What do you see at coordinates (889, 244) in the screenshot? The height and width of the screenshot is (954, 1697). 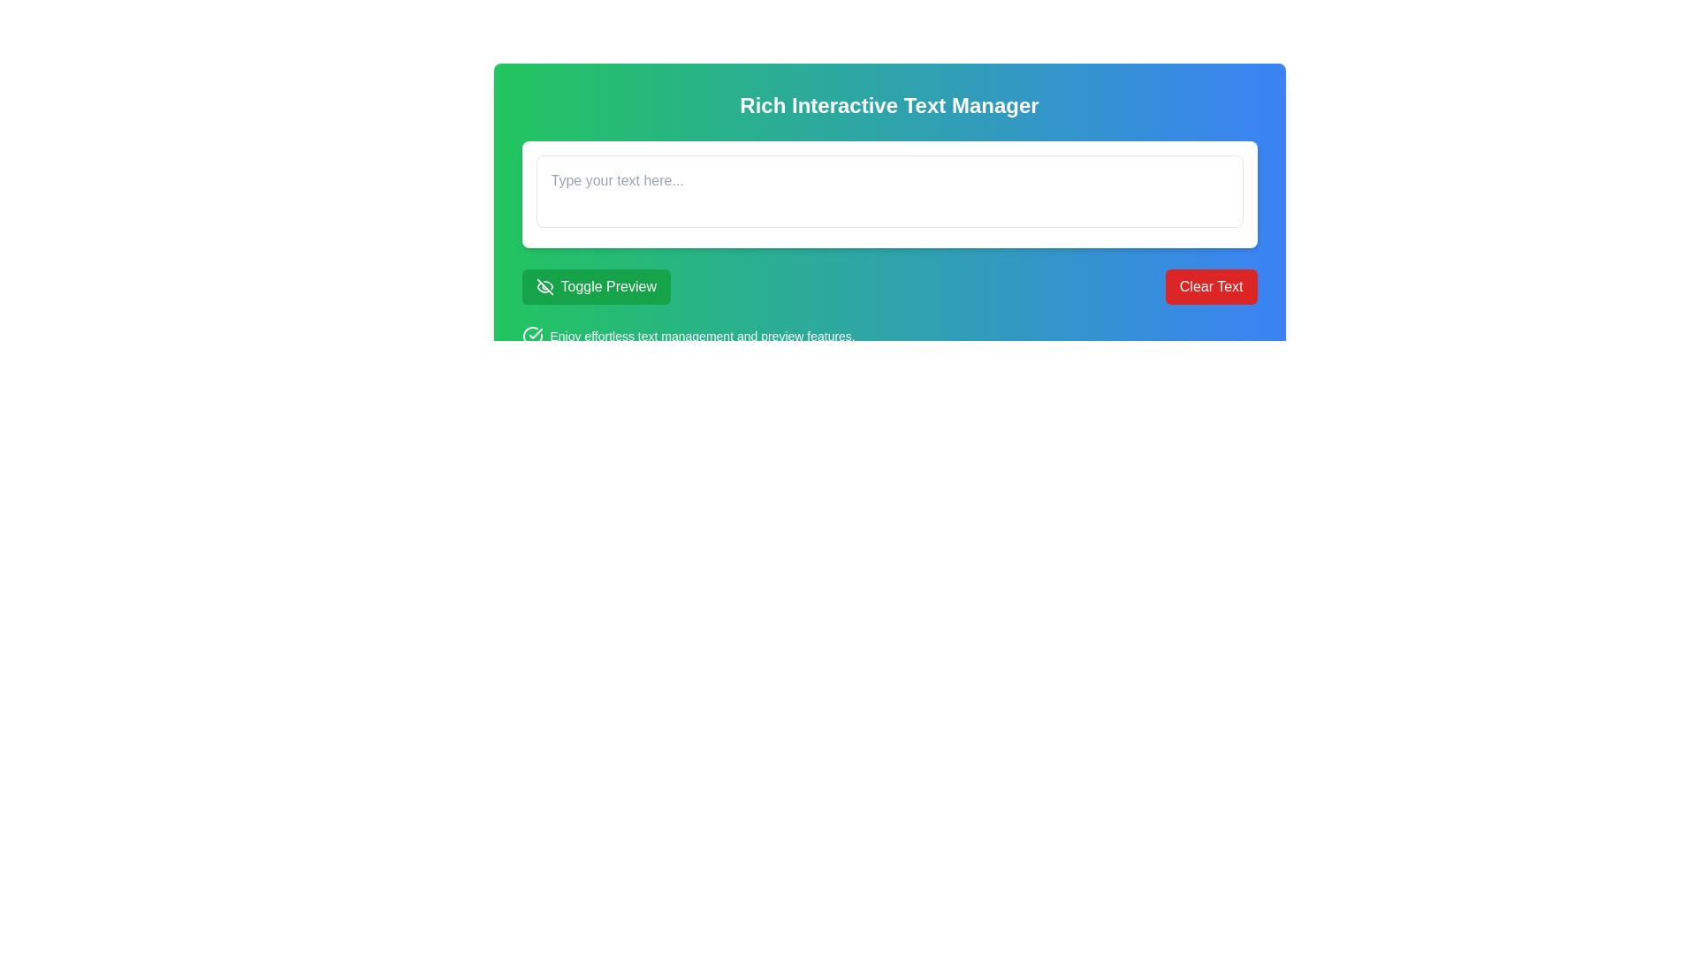 I see `the Text Input Field located beneath the 'Rich Interactive Text Manager' header` at bounding box center [889, 244].